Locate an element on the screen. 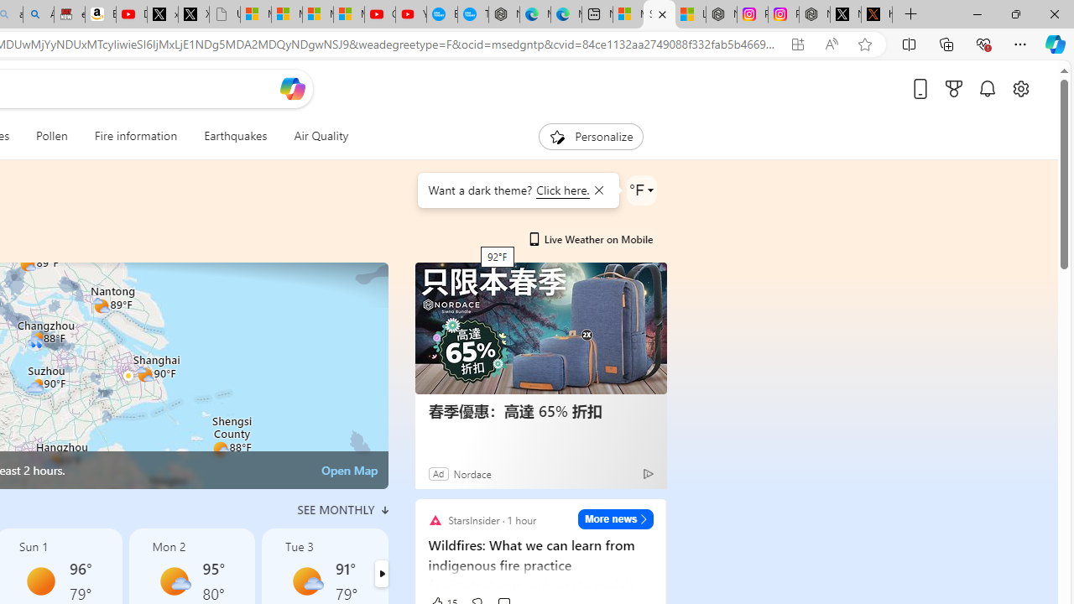  'Weather settings' is located at coordinates (640, 189).